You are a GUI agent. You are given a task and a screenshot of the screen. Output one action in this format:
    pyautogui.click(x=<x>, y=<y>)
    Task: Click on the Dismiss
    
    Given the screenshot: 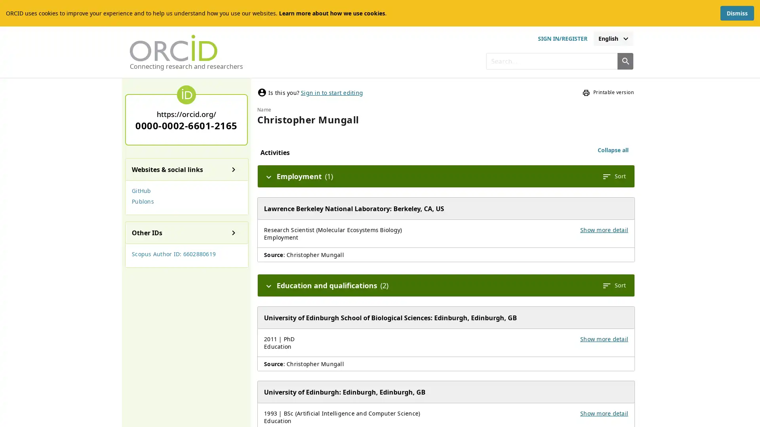 What is the action you would take?
    pyautogui.click(x=737, y=13)
    